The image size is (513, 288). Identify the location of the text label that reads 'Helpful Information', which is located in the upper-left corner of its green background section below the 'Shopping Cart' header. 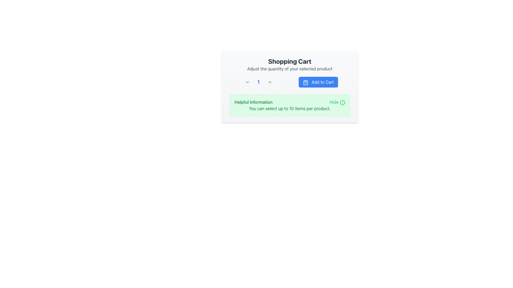
(253, 102).